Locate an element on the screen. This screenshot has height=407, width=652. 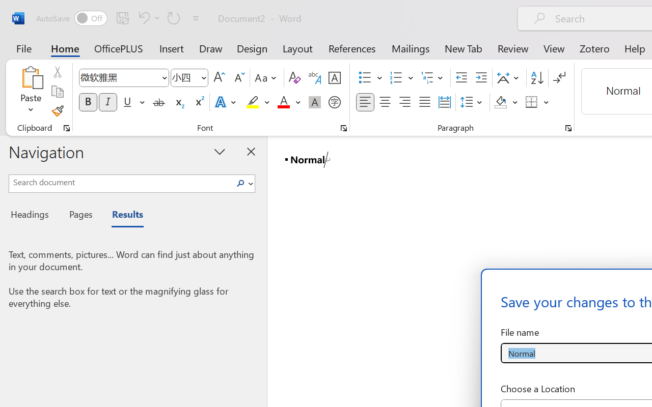
'Draw' is located at coordinates (210, 48).